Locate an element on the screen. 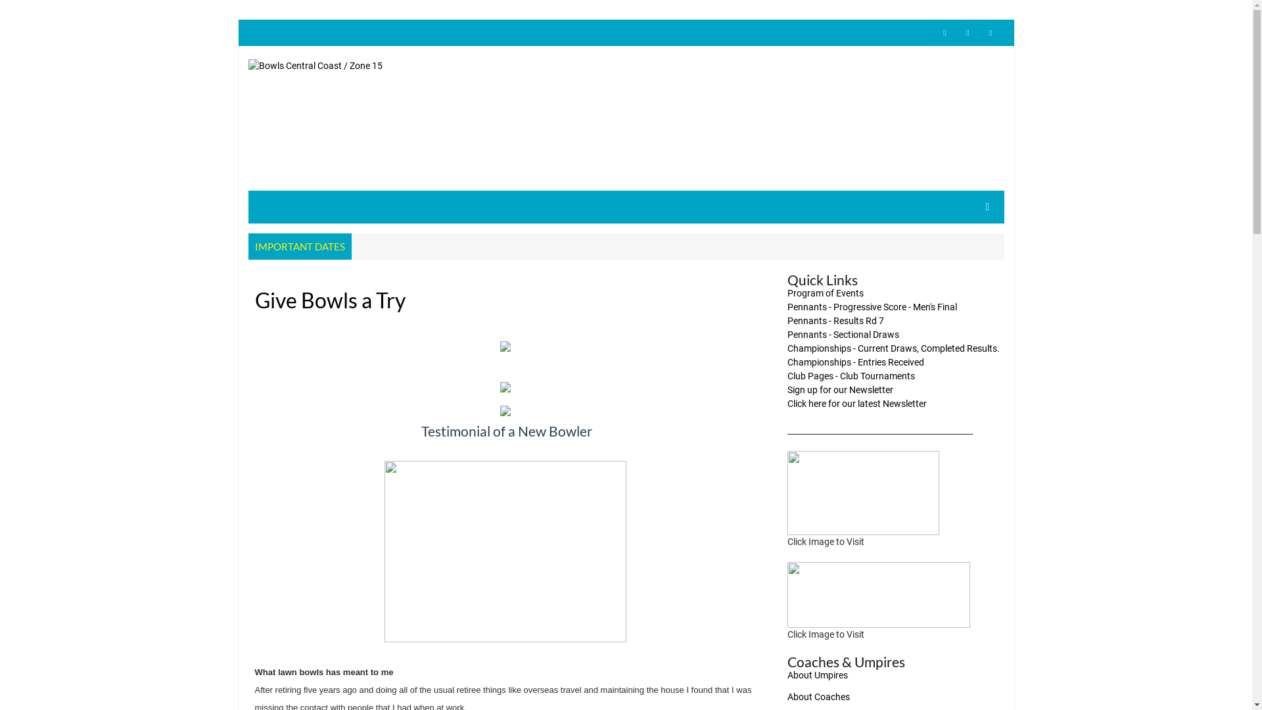  'About Coaches' is located at coordinates (818, 696).